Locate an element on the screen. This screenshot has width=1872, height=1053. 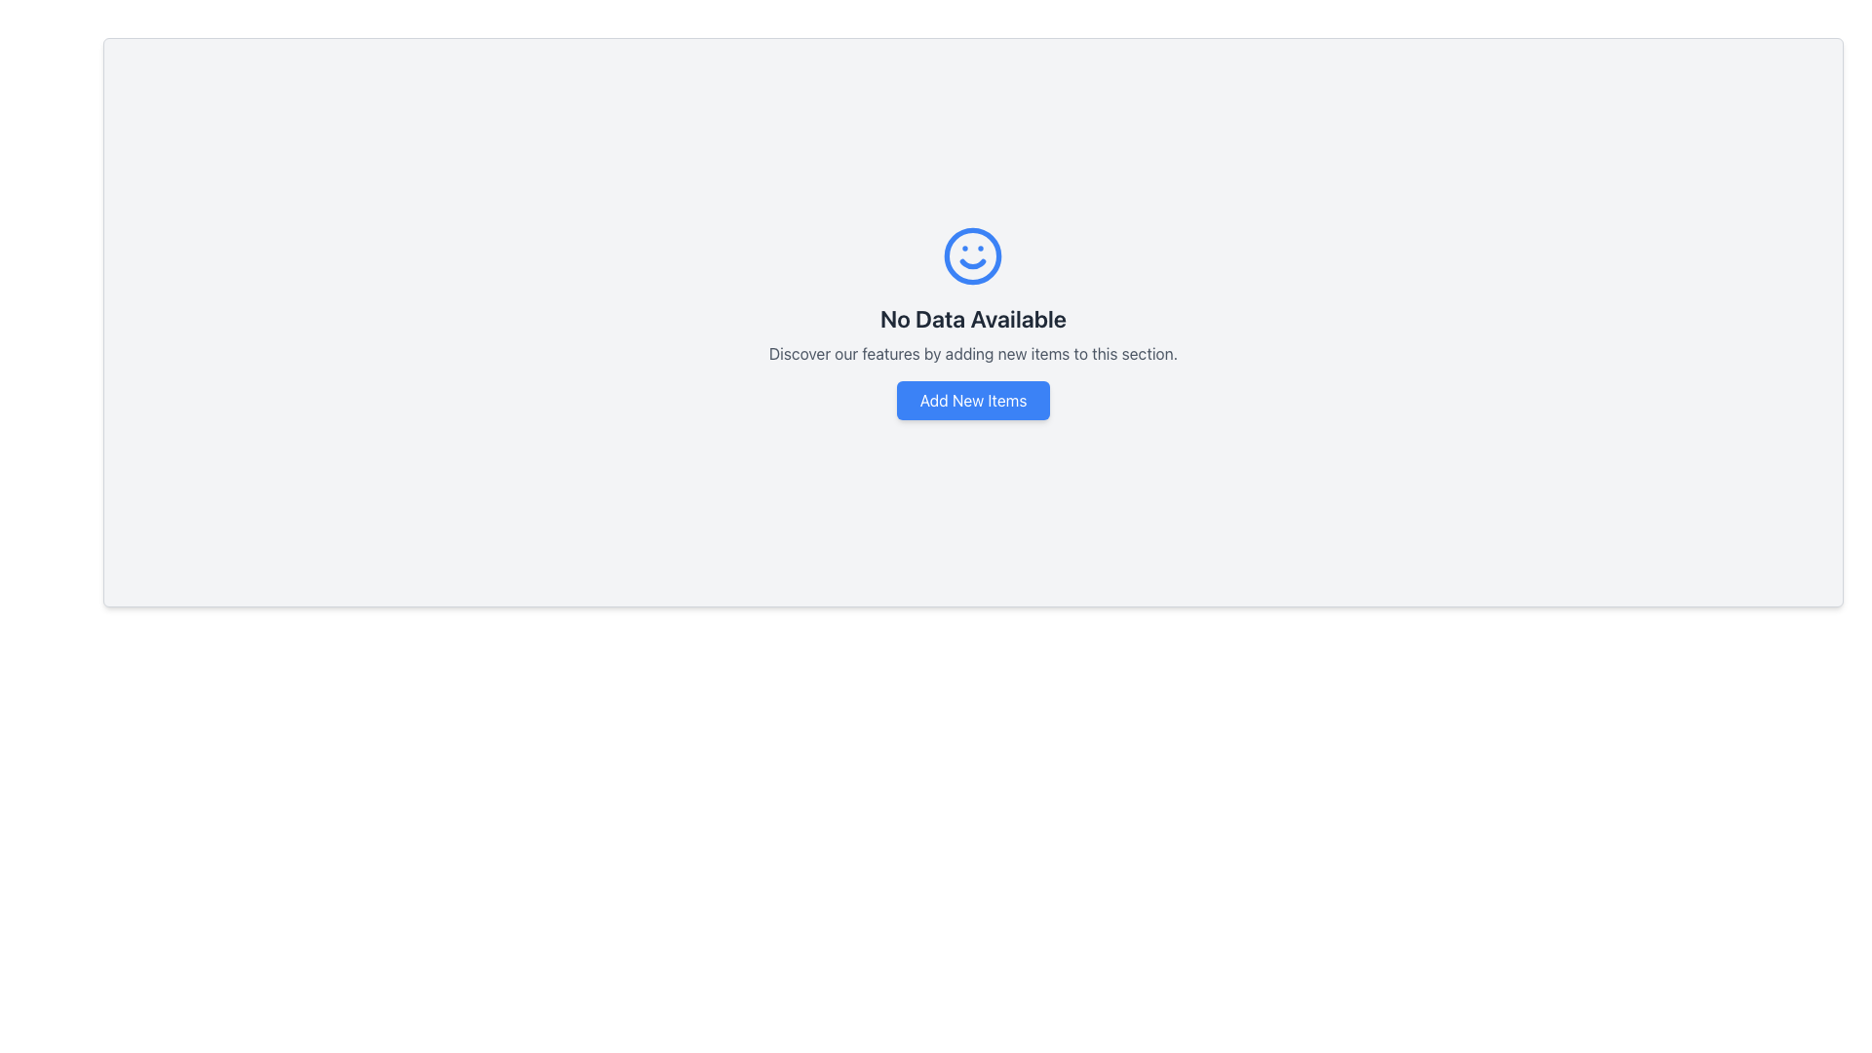
the 'Add New Items' button located below the text 'Discover our features by adding new items to this section.' is located at coordinates (973, 400).